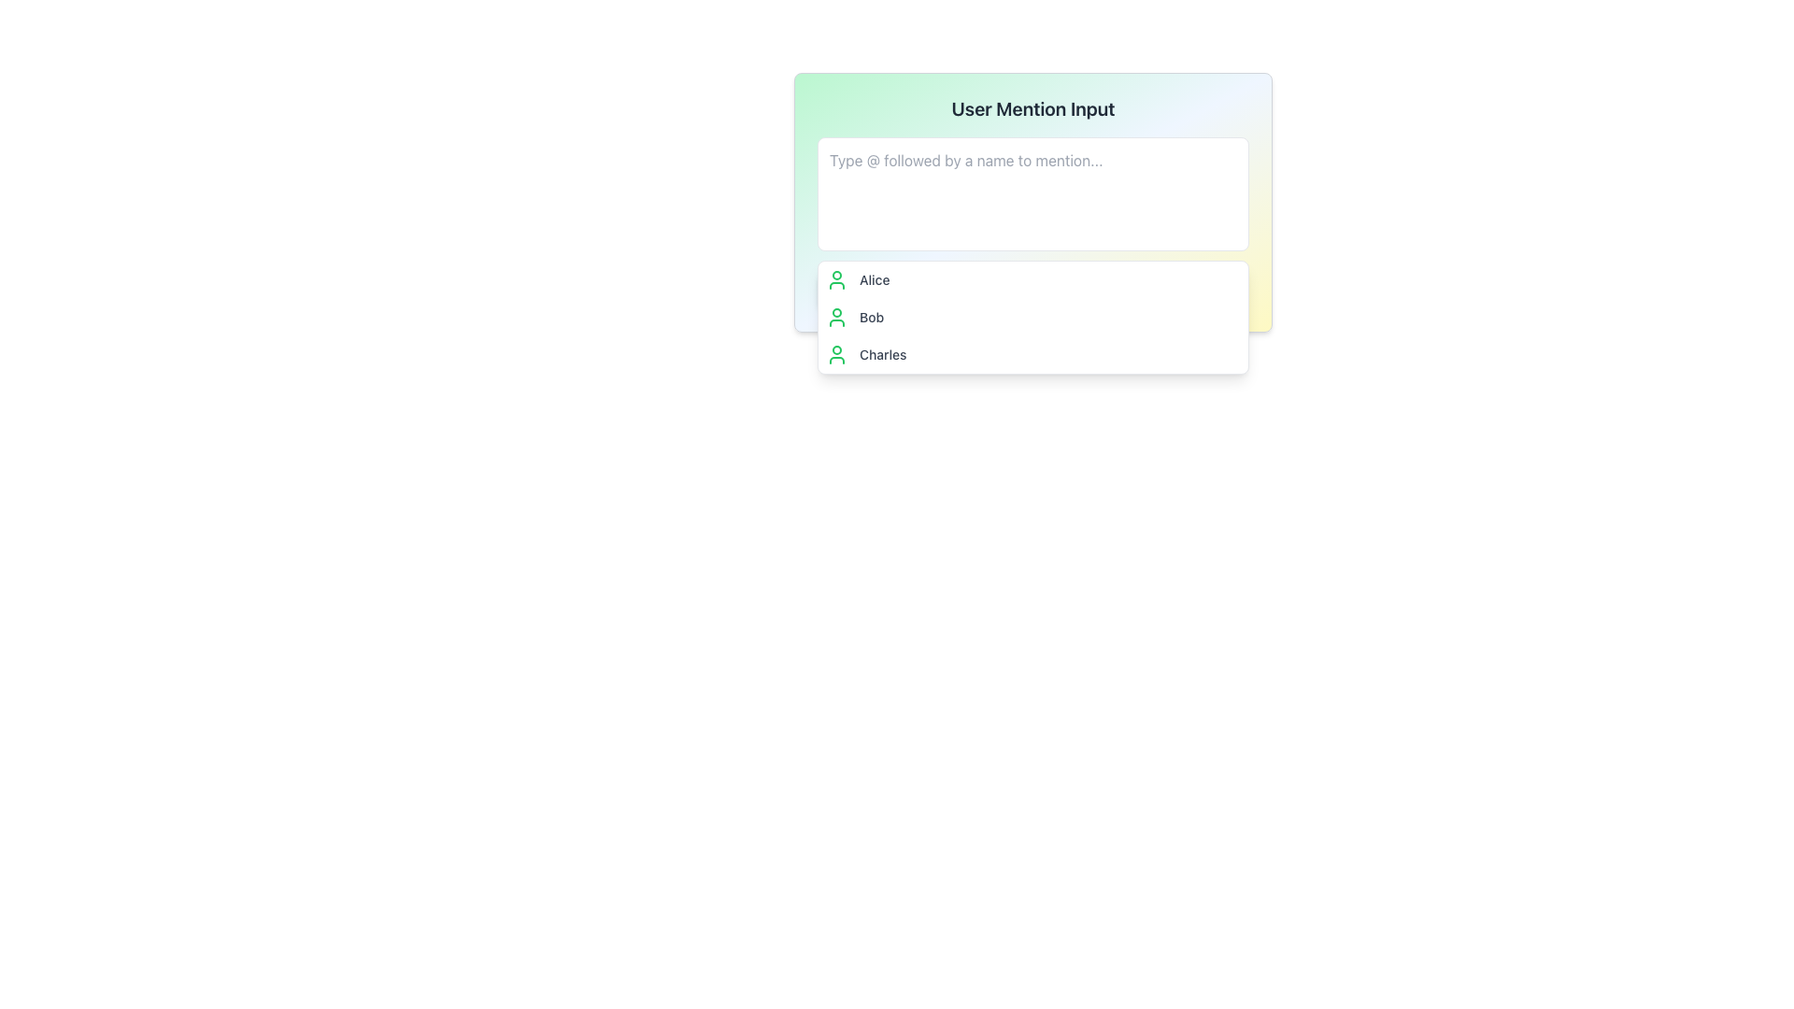  Describe the element at coordinates (874, 280) in the screenshot. I see `the text label displaying 'Alice'` at that location.